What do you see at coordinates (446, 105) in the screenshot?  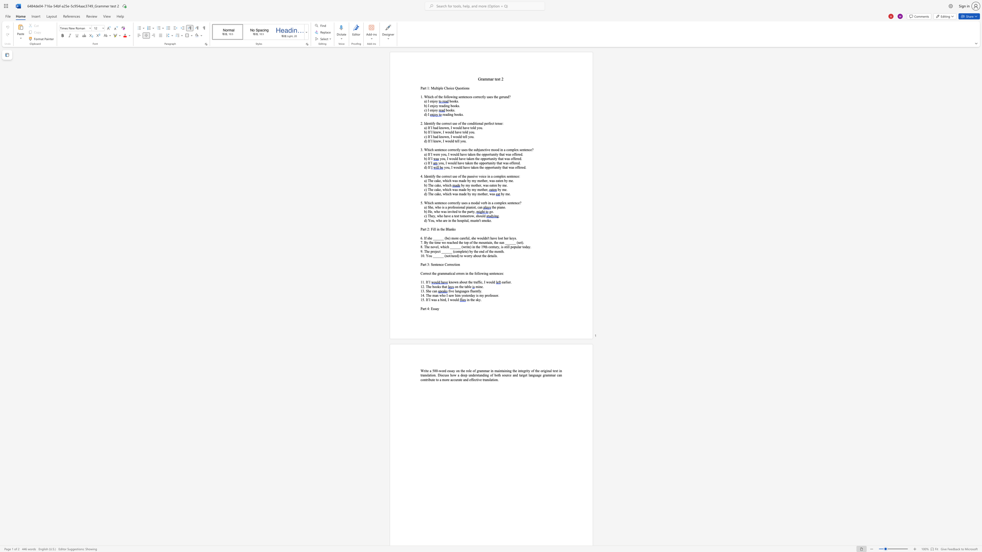 I see `the subset text "ng bo" within the text "b) I enjoy reading books."` at bounding box center [446, 105].